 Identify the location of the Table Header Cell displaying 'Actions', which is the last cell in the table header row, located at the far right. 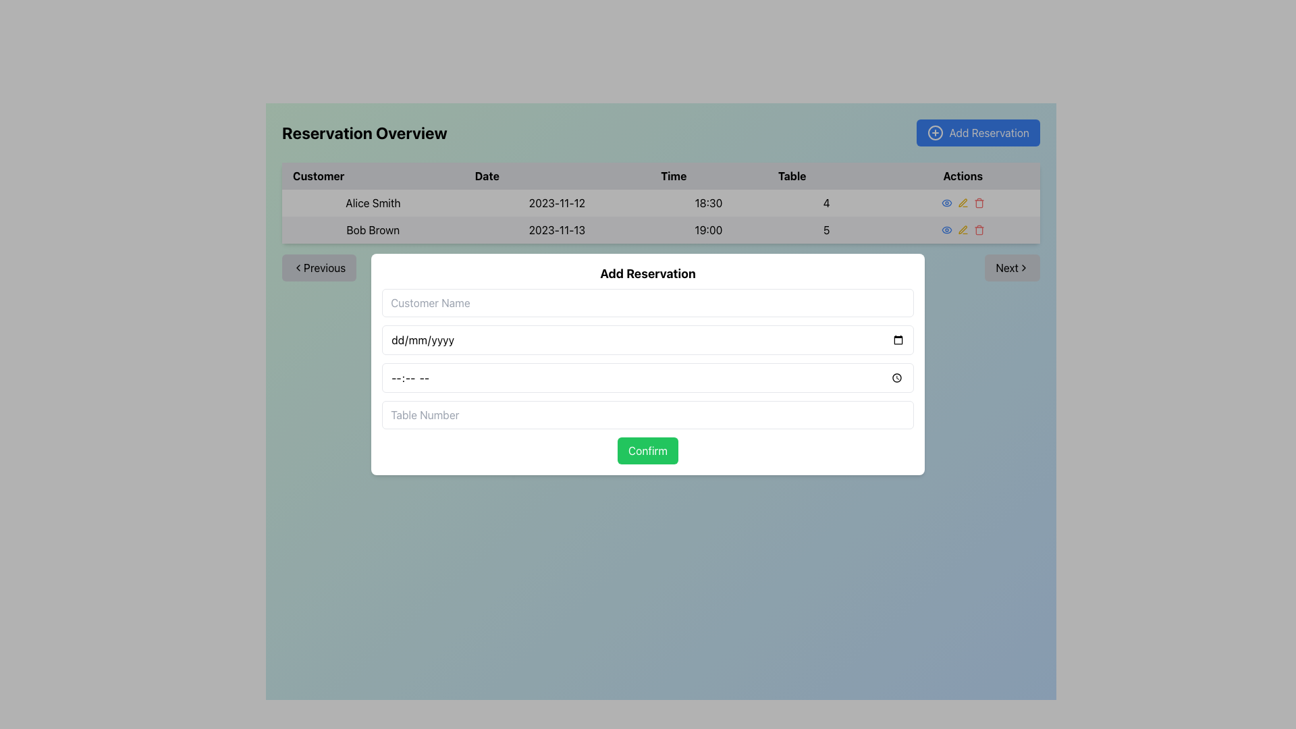
(962, 175).